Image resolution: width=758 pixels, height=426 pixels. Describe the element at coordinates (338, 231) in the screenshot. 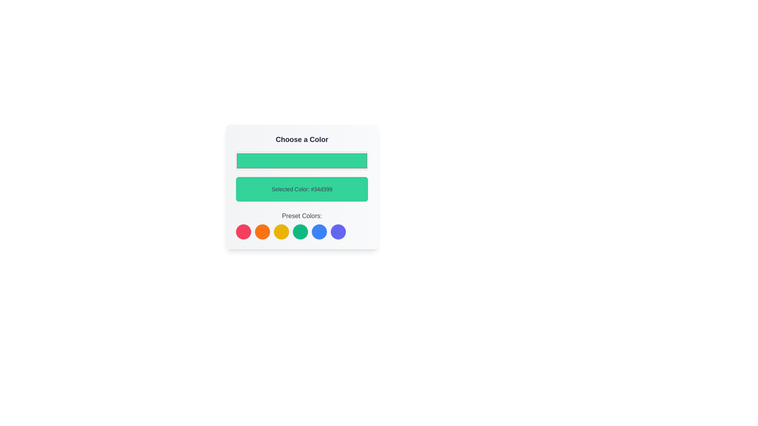

I see `the blue circular Interactive color selector, the last item` at that location.